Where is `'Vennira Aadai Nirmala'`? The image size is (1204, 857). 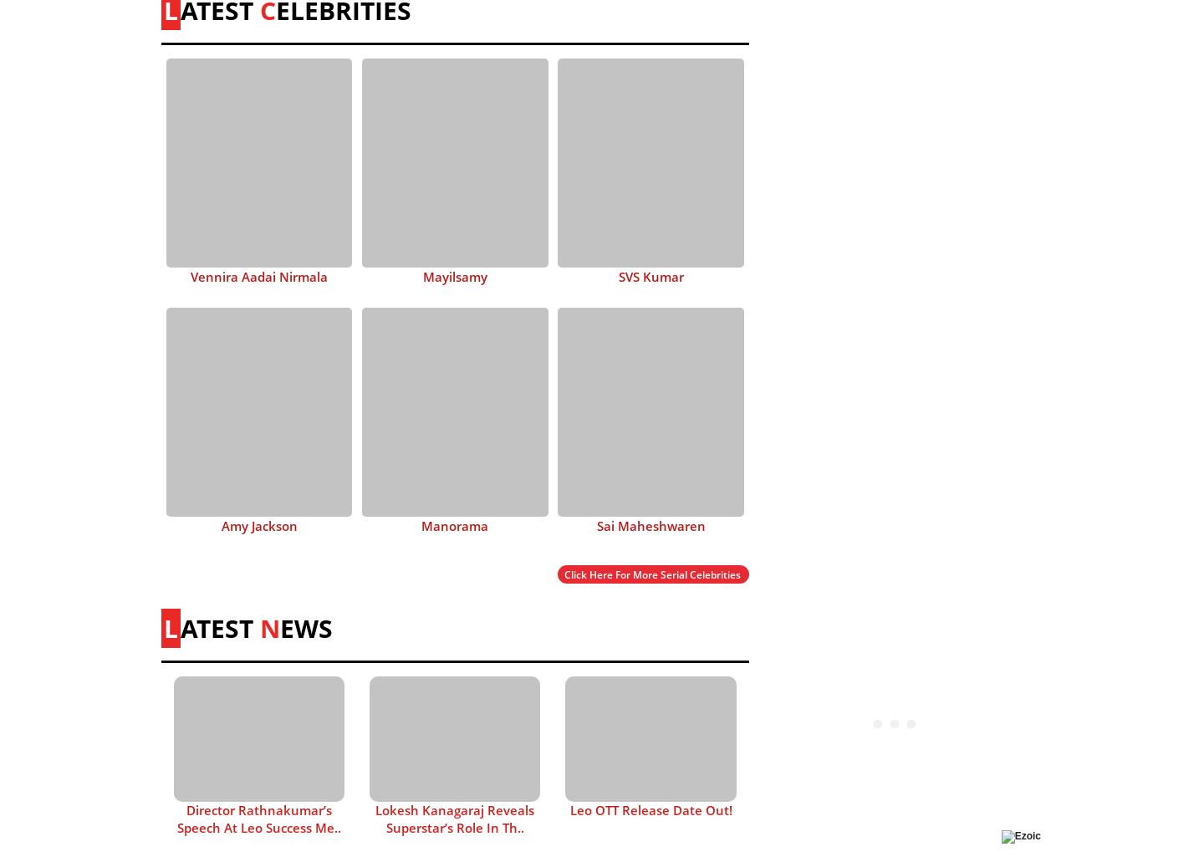
'Vennira Aadai Nirmala' is located at coordinates (259, 275).